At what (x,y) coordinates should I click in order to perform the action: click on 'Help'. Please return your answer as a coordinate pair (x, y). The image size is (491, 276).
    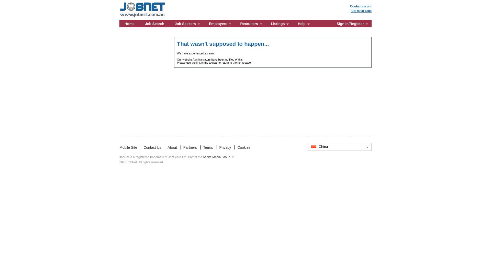
    Looking at the image, I should click on (292, 24).